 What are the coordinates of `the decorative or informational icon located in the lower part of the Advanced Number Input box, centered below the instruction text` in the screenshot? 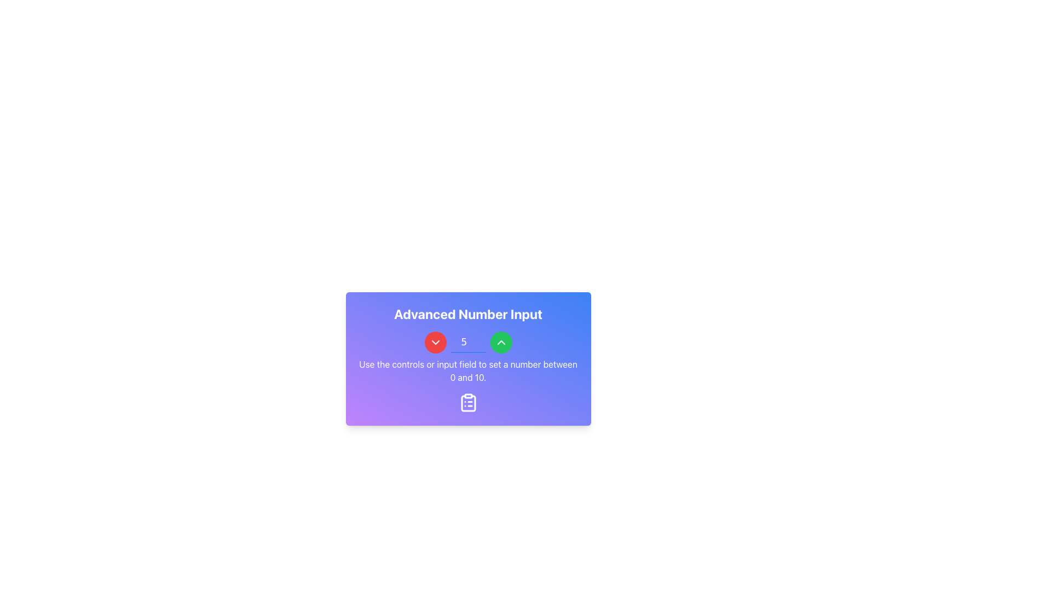 It's located at (468, 403).